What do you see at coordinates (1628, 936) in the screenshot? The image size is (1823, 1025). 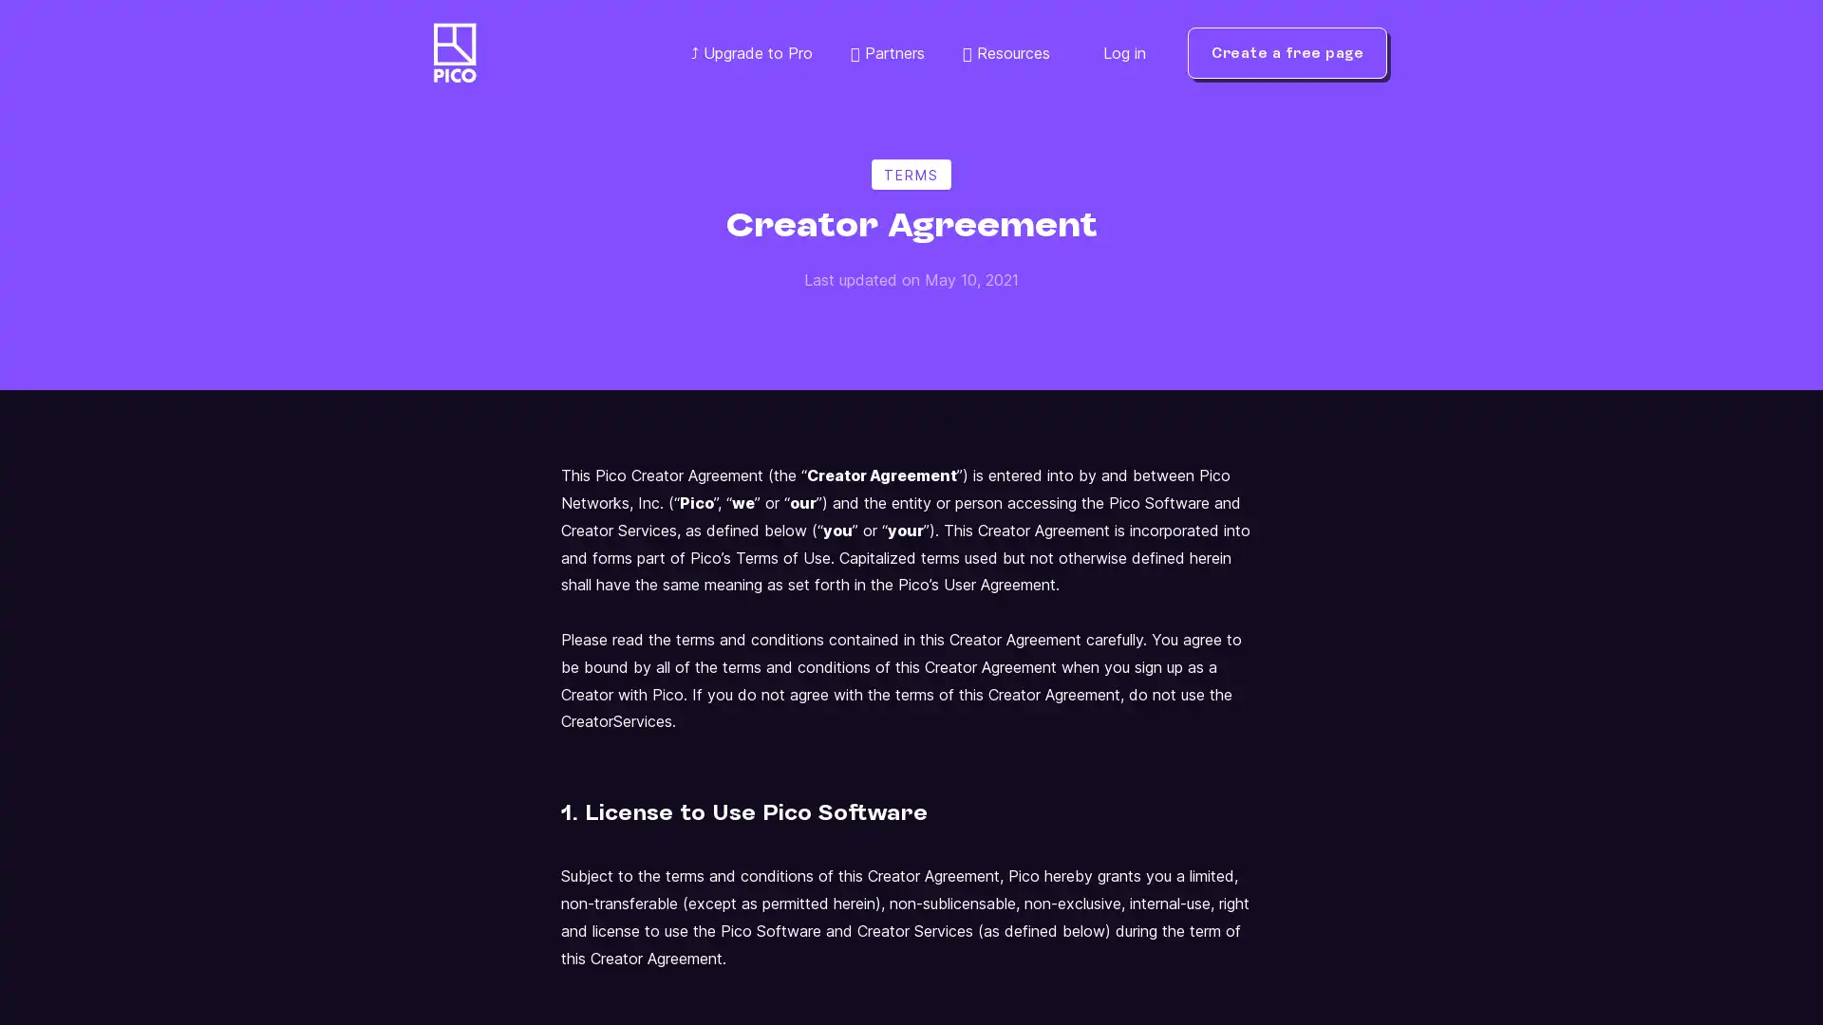 I see `Accept` at bounding box center [1628, 936].